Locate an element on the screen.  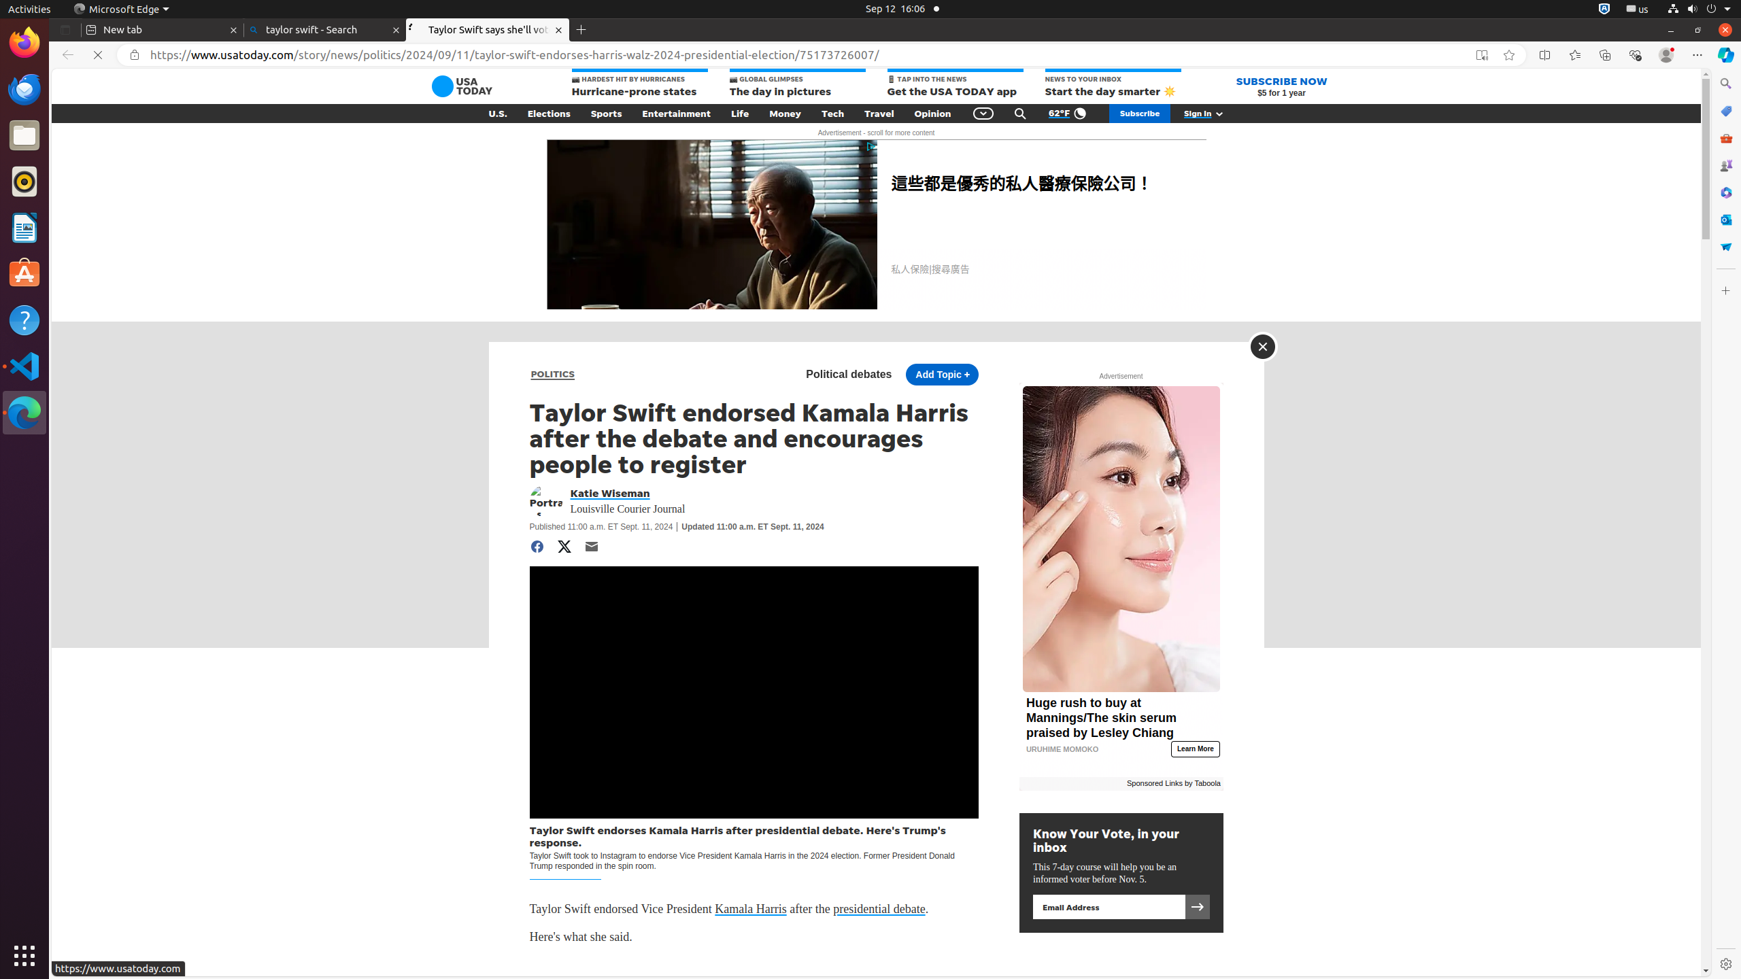
'Rhythmbox' is located at coordinates (24, 180).